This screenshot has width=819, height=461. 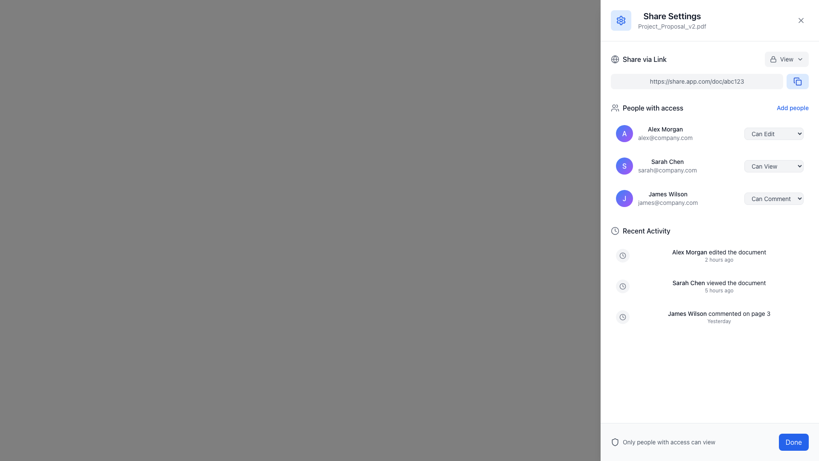 I want to click on the User information display row, which is the third entry under the 'People with access' section, displaying the user's name and email address, so click(x=656, y=198).